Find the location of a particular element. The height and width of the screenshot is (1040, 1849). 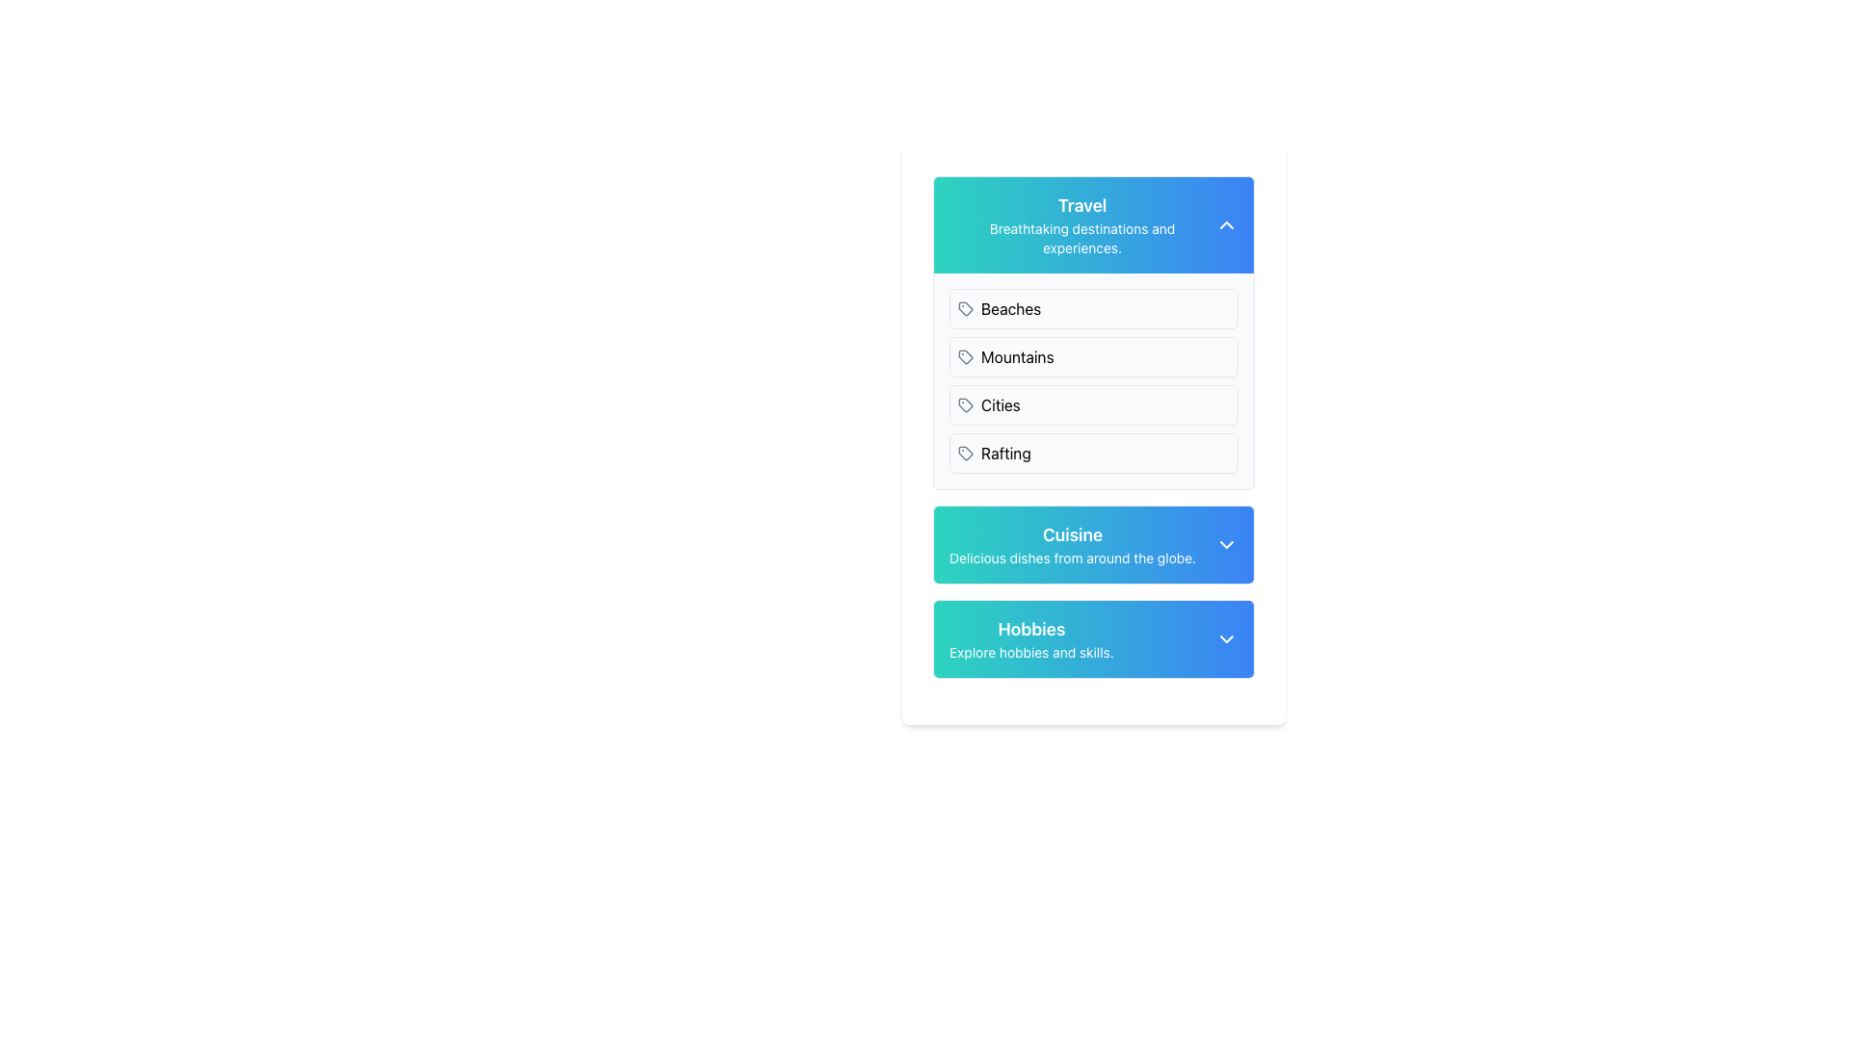

the upward-pointing chevron icon button in the top-right corner of the 'Travel' section header is located at coordinates (1225, 224).